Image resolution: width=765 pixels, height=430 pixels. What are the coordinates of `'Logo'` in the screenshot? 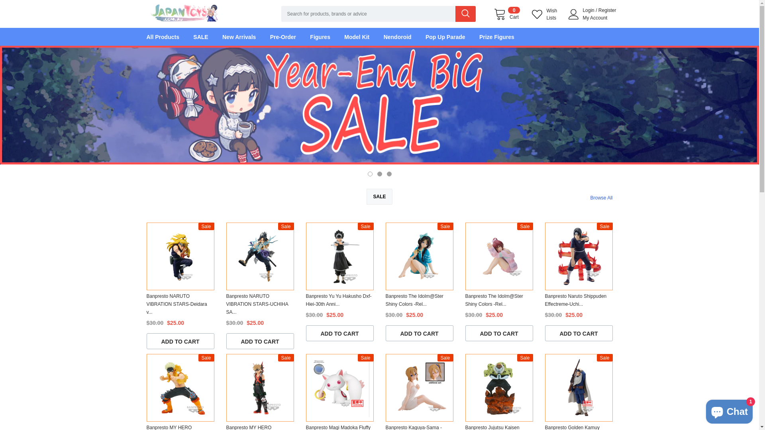 It's located at (147, 11).